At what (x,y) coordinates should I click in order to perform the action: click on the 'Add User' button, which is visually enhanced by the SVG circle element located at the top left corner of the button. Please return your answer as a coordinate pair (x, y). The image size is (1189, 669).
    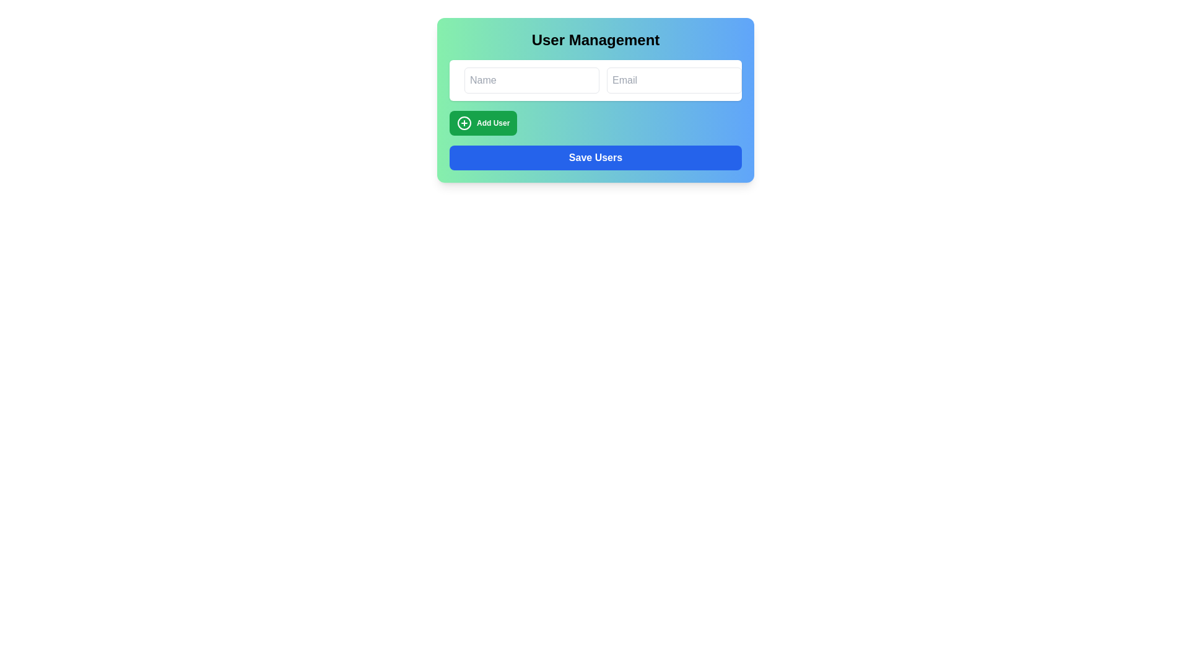
    Looking at the image, I should click on (463, 123).